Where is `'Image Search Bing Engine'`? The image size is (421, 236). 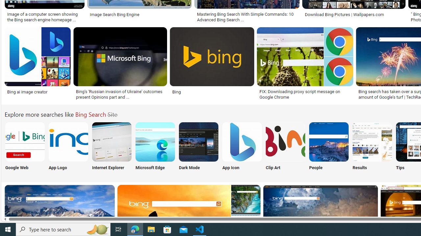 'Image Search Bing Engine' is located at coordinates (139, 14).